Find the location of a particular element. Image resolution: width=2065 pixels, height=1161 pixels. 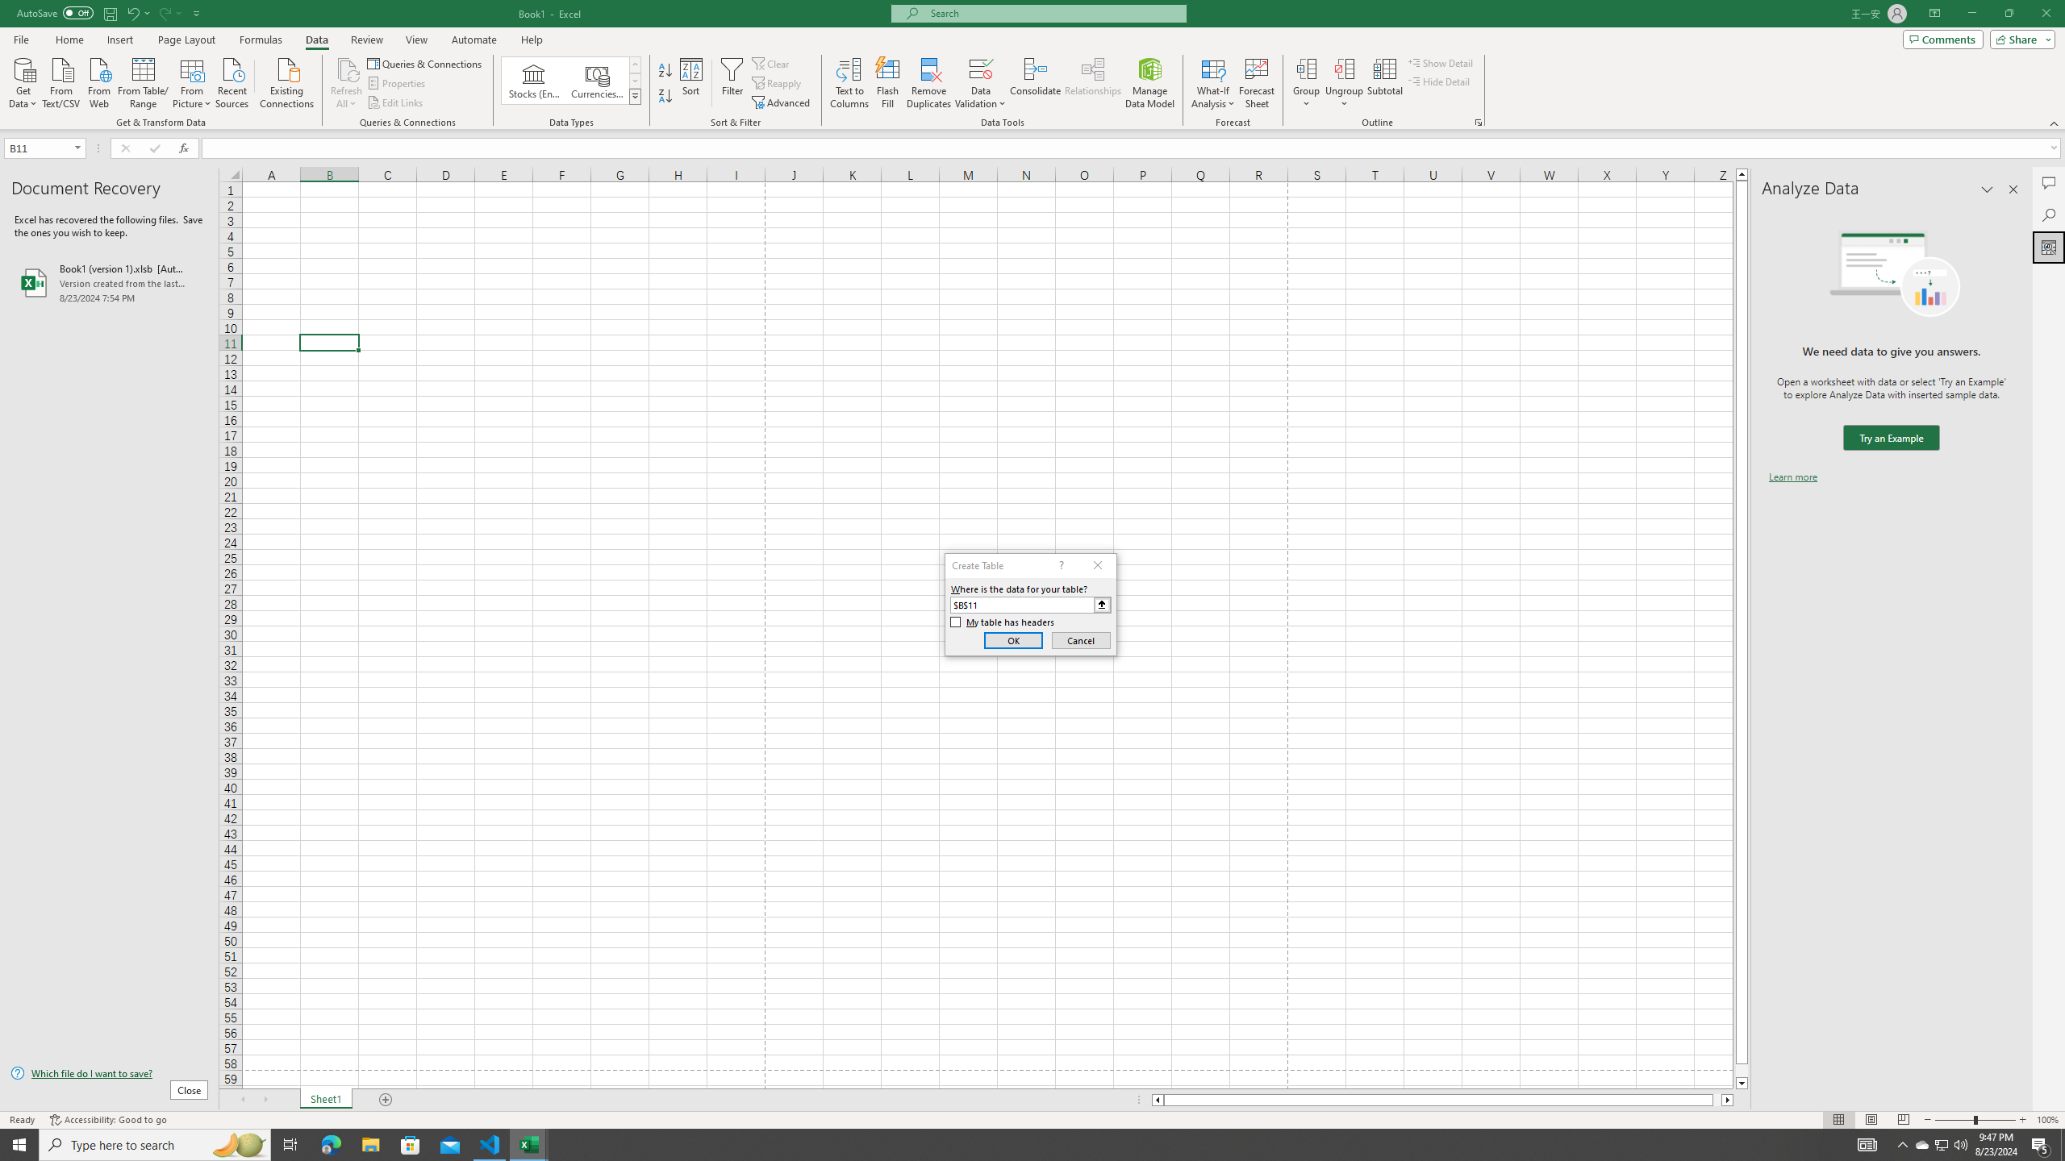

'Relationships' is located at coordinates (1092, 83).